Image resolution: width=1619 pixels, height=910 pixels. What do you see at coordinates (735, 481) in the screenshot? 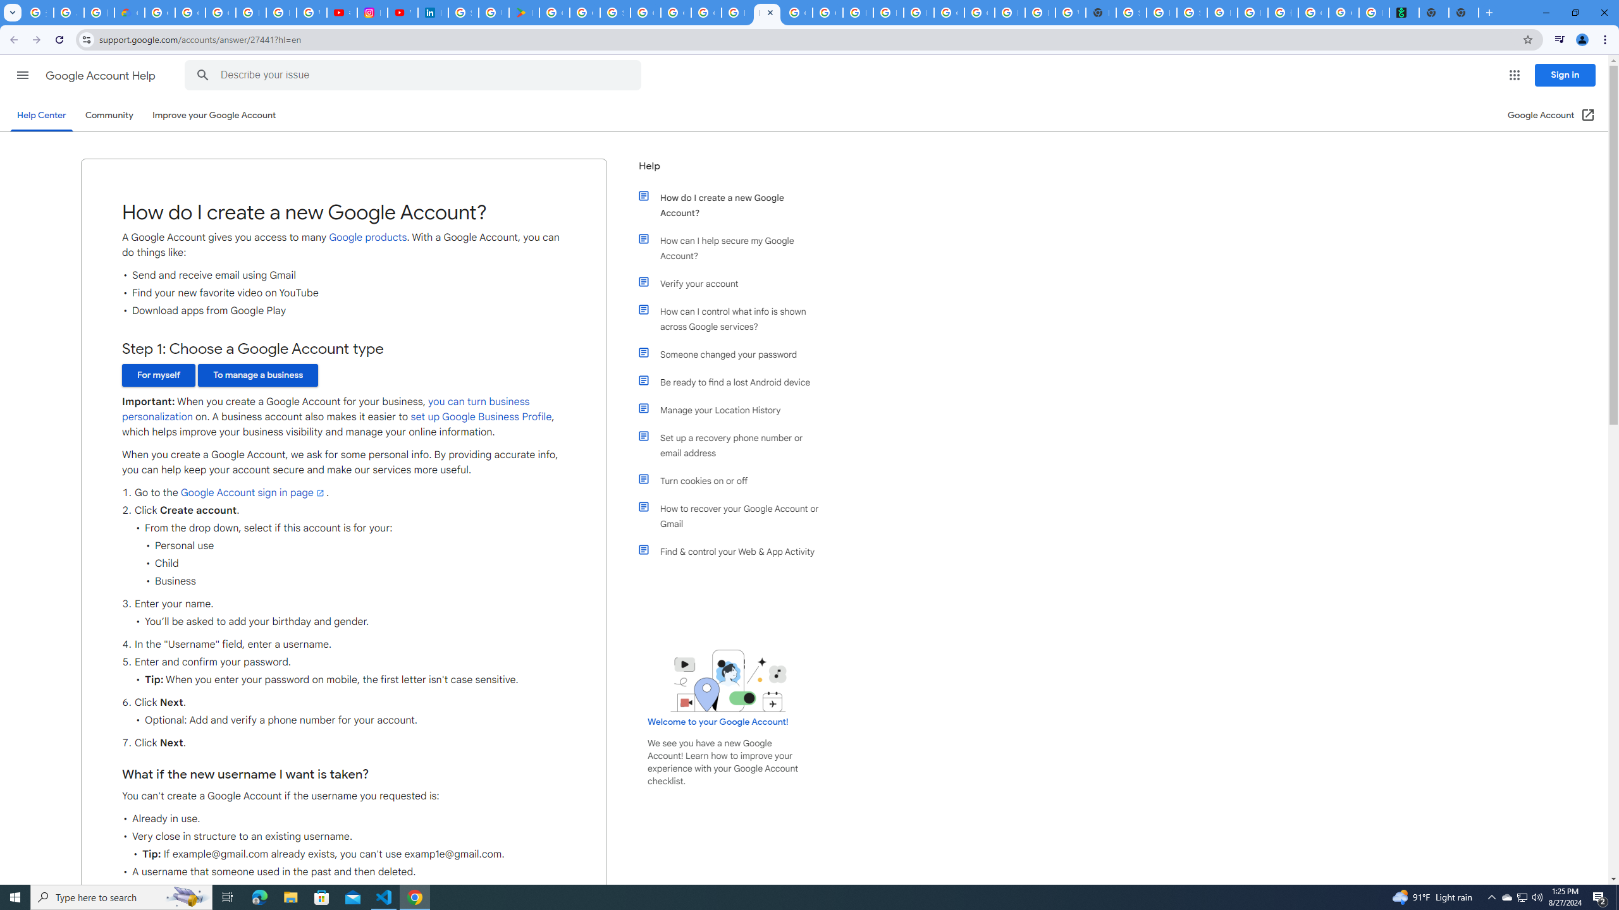
I see `'Turn cookies on or off'` at bounding box center [735, 481].